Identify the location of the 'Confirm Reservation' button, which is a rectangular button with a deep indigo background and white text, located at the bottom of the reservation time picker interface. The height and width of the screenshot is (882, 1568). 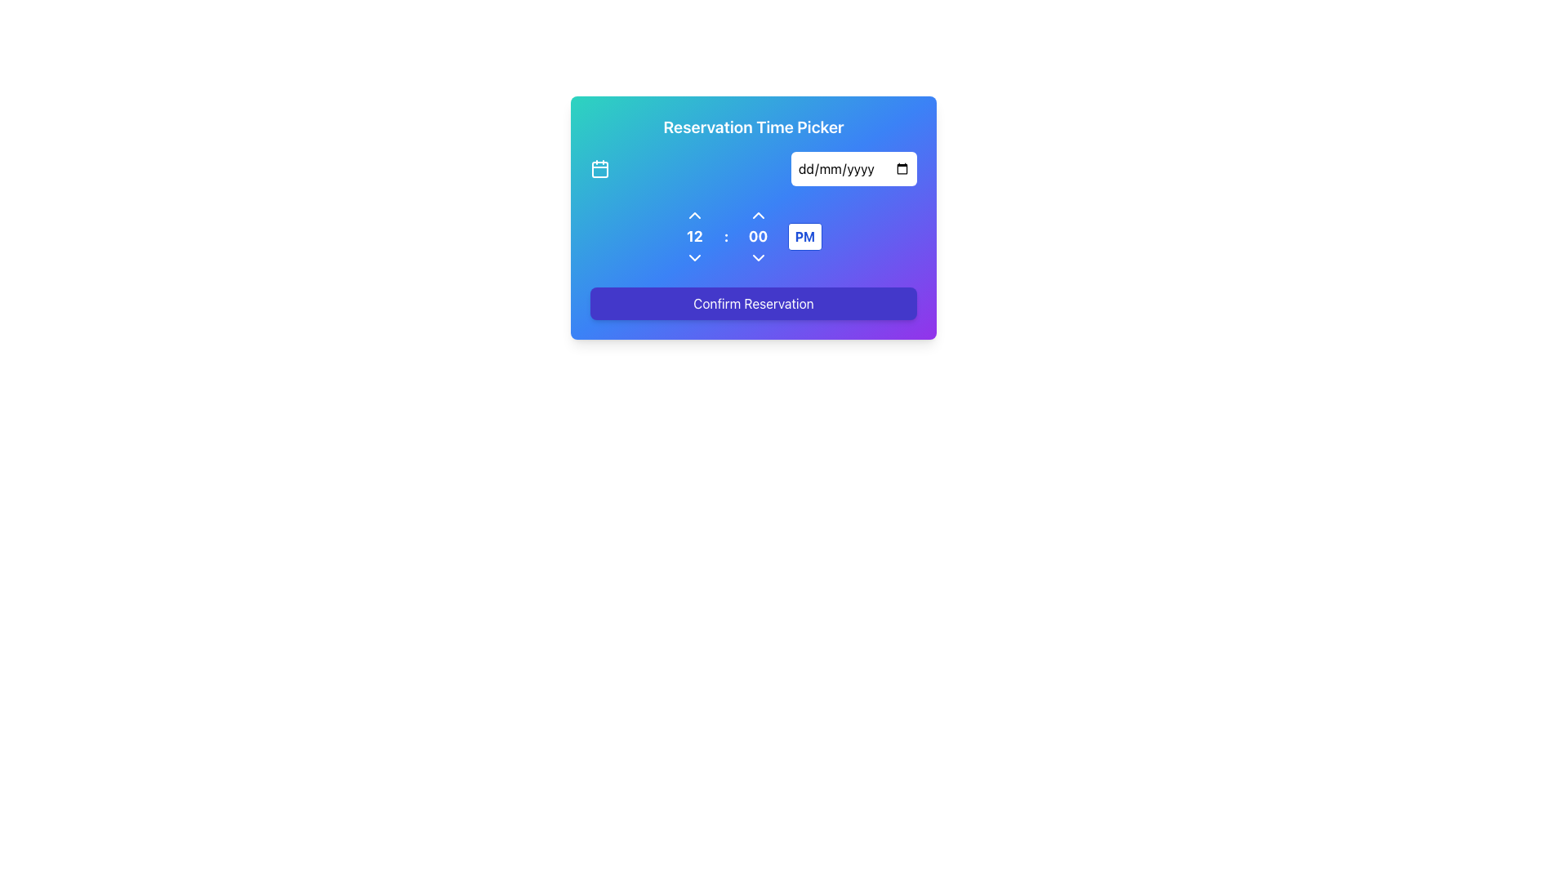
(752, 303).